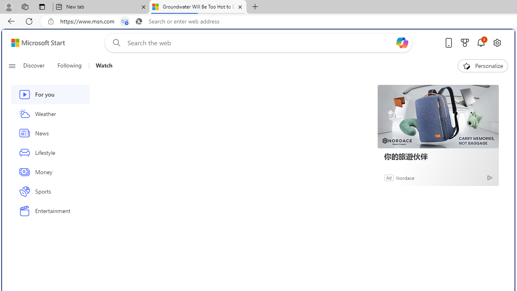  I want to click on 'Skip to footer', so click(33, 42).